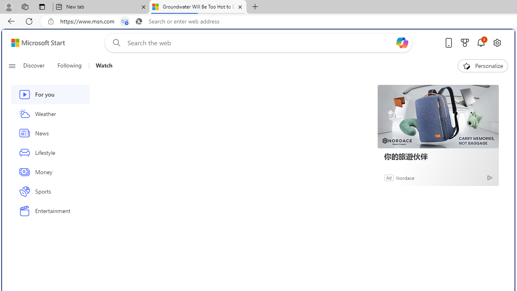  I want to click on 'Skip to footer', so click(33, 42).